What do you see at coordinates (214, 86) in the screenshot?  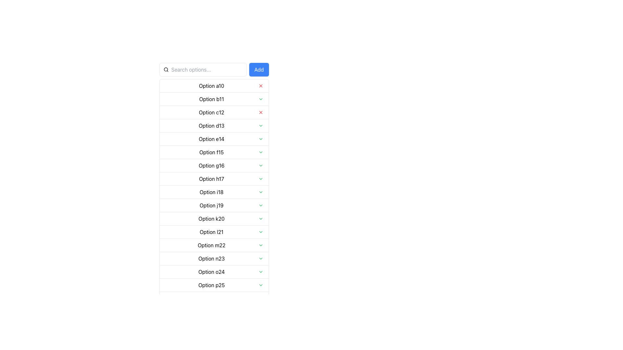 I see `the highlighted list item with the text 'Option a10' by clicking on it` at bounding box center [214, 86].